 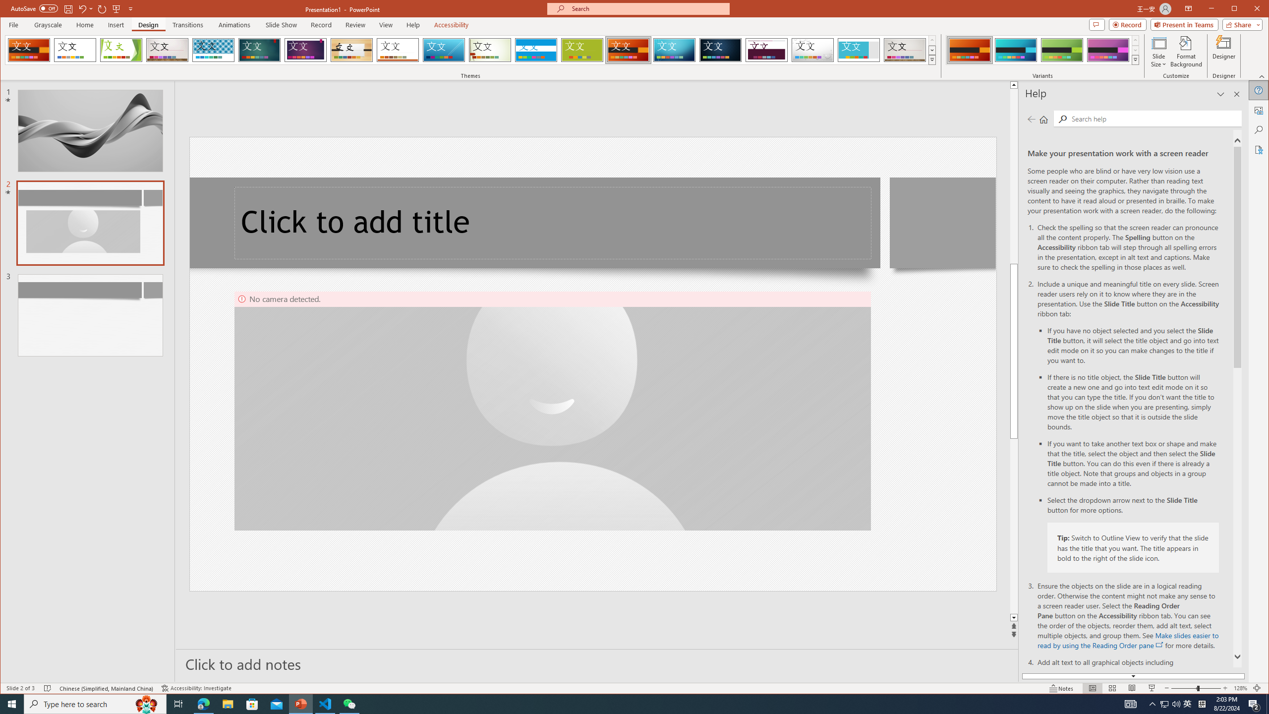 What do you see at coordinates (1159, 645) in the screenshot?
I see `'openinnewwindow'` at bounding box center [1159, 645].